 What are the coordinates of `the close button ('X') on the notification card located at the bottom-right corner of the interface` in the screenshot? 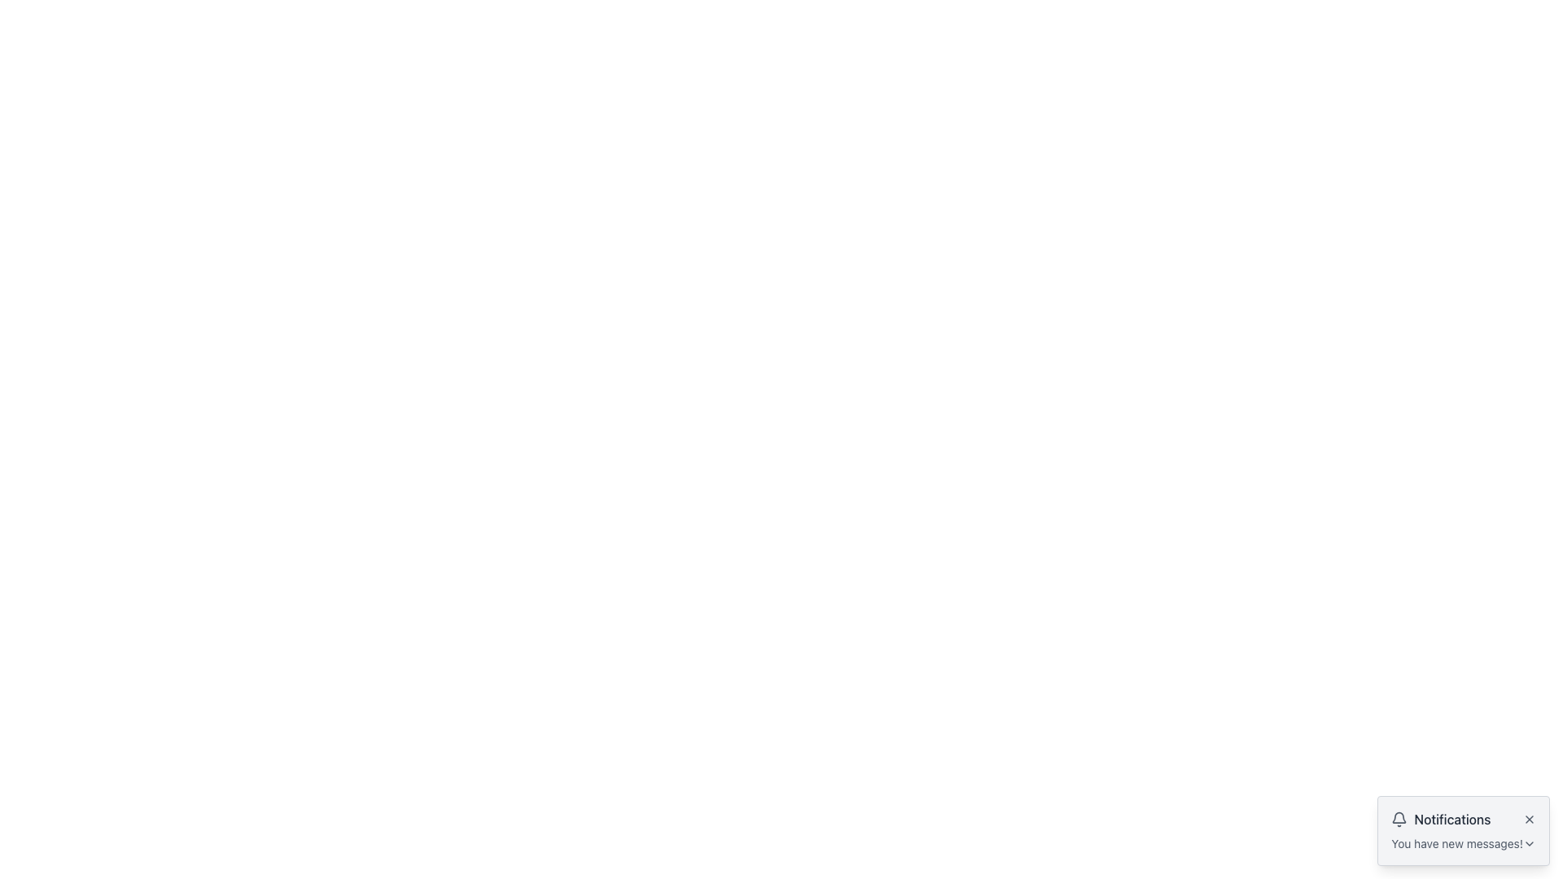 It's located at (1464, 831).